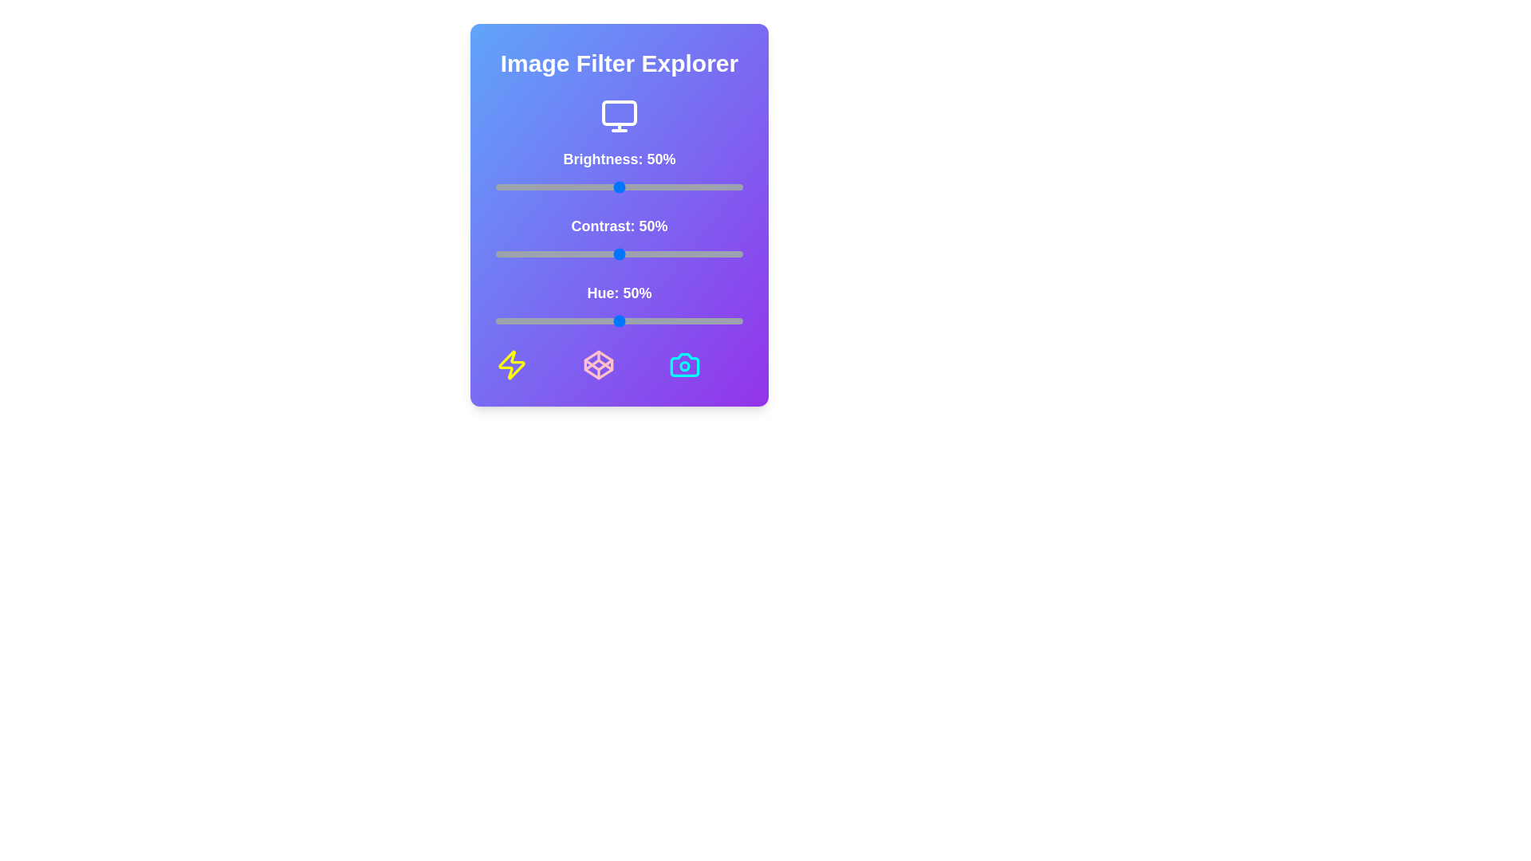 Image resolution: width=1531 pixels, height=861 pixels. What do you see at coordinates (565, 320) in the screenshot?
I see `the hue slider to 28%` at bounding box center [565, 320].